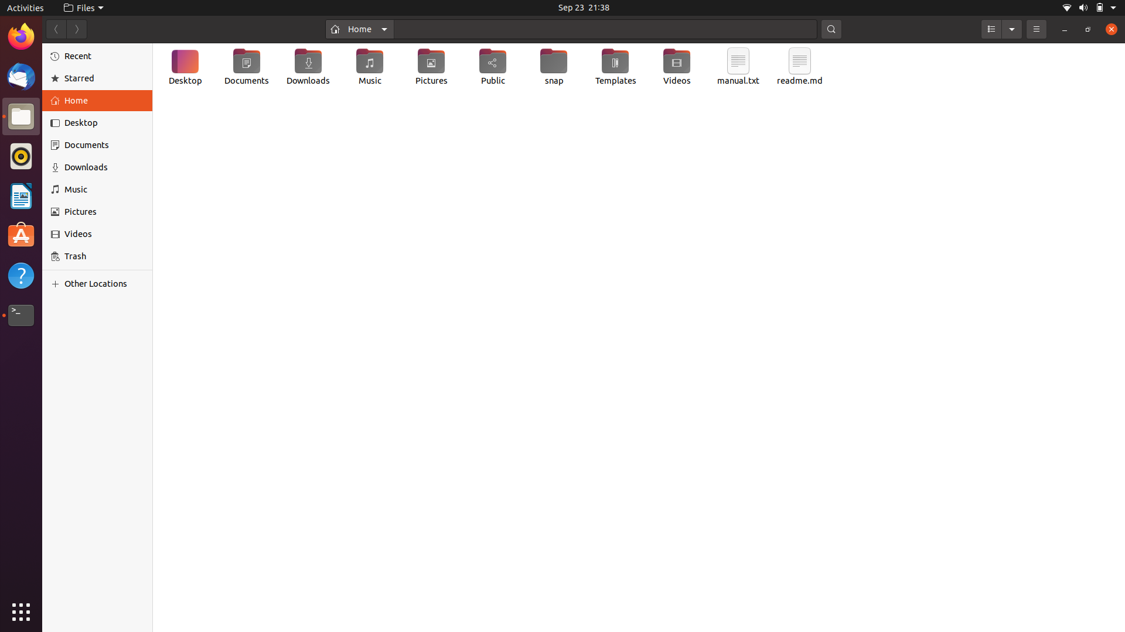 The image size is (1125, 632). What do you see at coordinates (99, 212) in the screenshot?
I see `Switch to the "Pictures" tab` at bounding box center [99, 212].